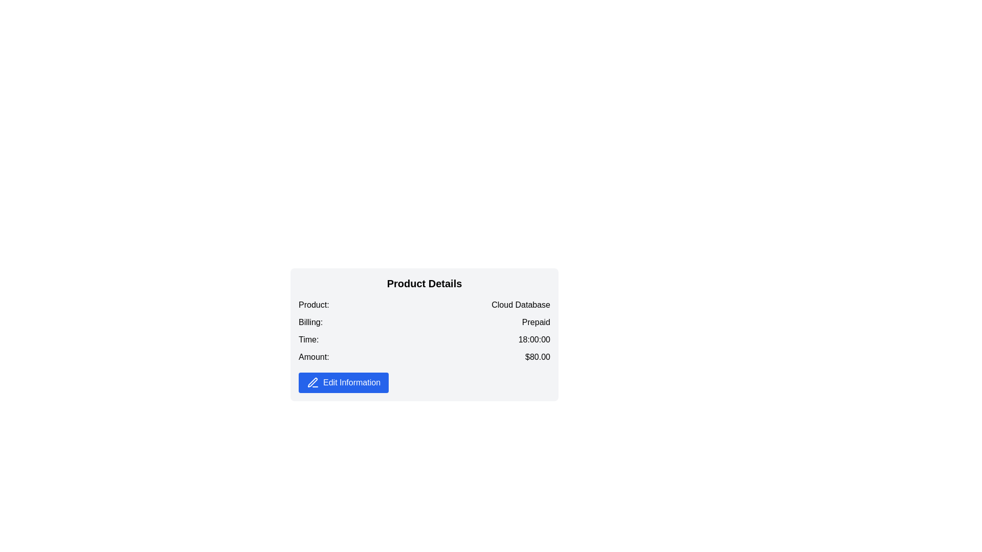  I want to click on the label text element displaying 'Amount:' which is positioned to the left of the '$80.00' text element in the 'Product Details' section, so click(313, 357).